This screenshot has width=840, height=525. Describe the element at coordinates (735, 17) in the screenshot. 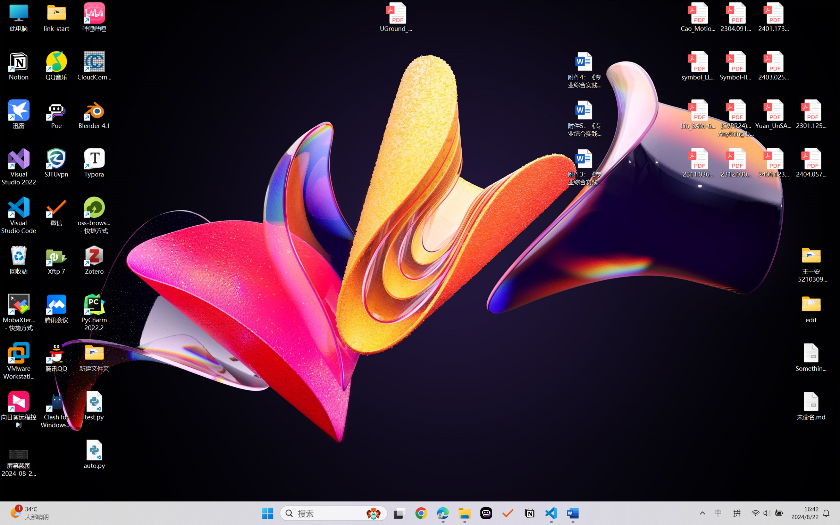

I see `'2304.09121v3.pdf'` at that location.